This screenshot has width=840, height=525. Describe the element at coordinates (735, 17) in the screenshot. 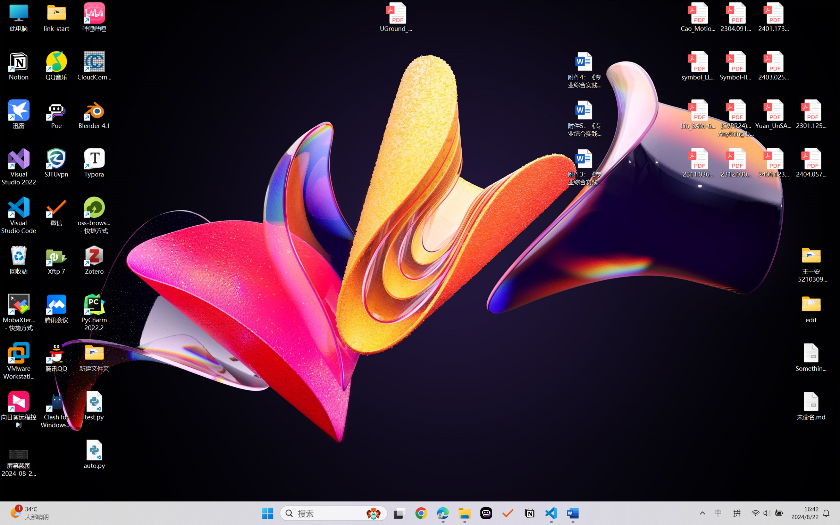

I see `'2304.09121v3.pdf'` at that location.